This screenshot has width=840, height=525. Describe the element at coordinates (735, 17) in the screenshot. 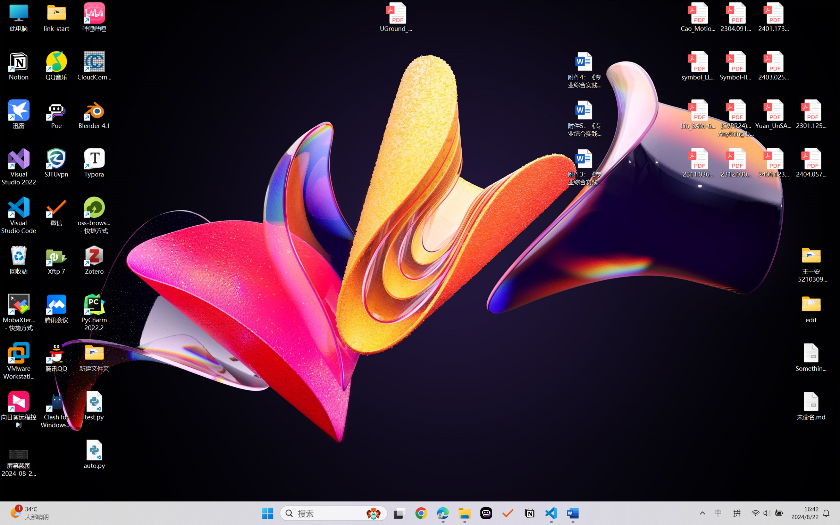

I see `'2304.09121v3.pdf'` at that location.